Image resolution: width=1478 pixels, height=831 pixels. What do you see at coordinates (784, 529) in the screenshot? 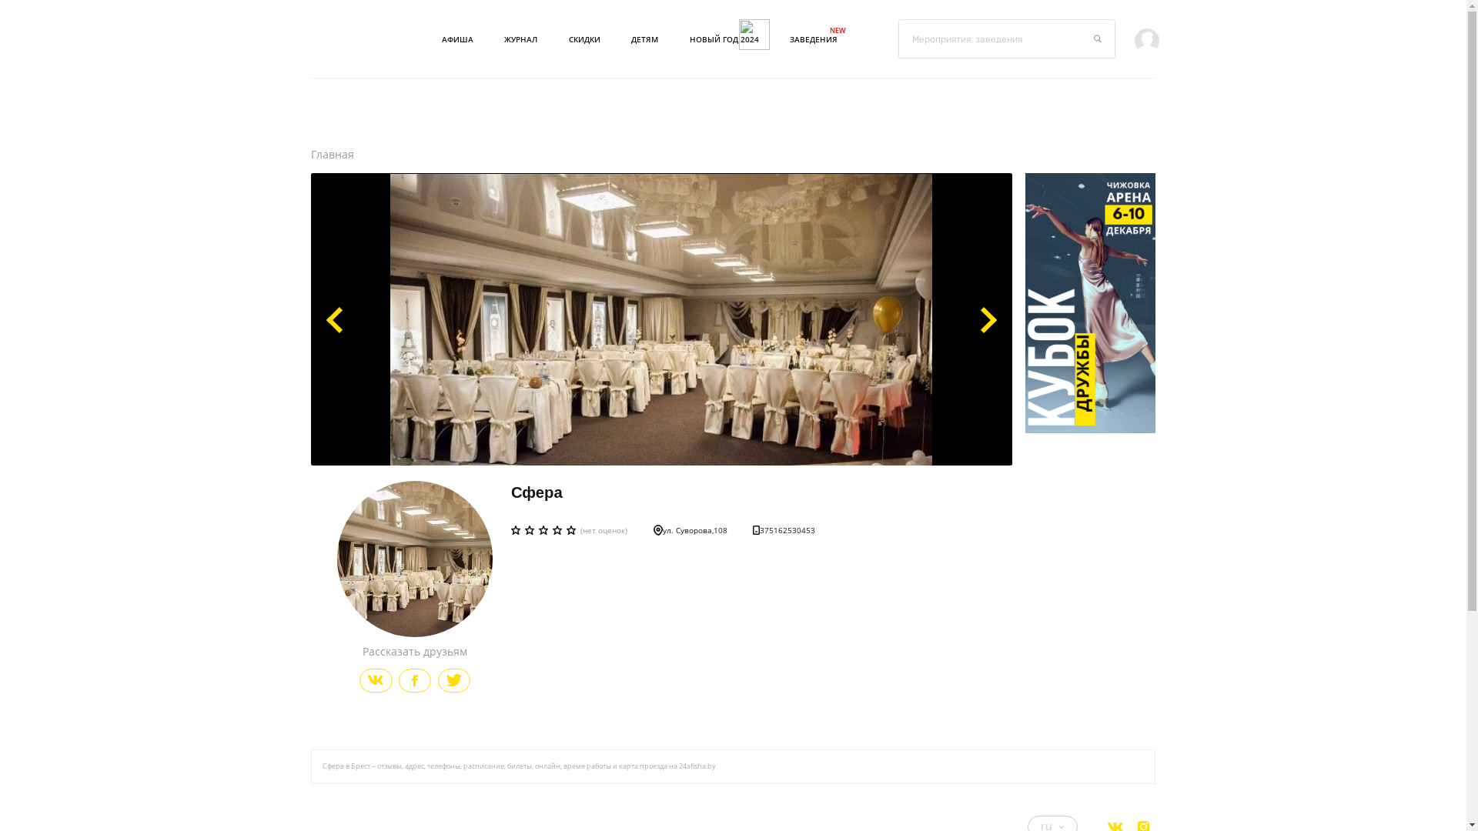
I see `'375162530453'` at bounding box center [784, 529].